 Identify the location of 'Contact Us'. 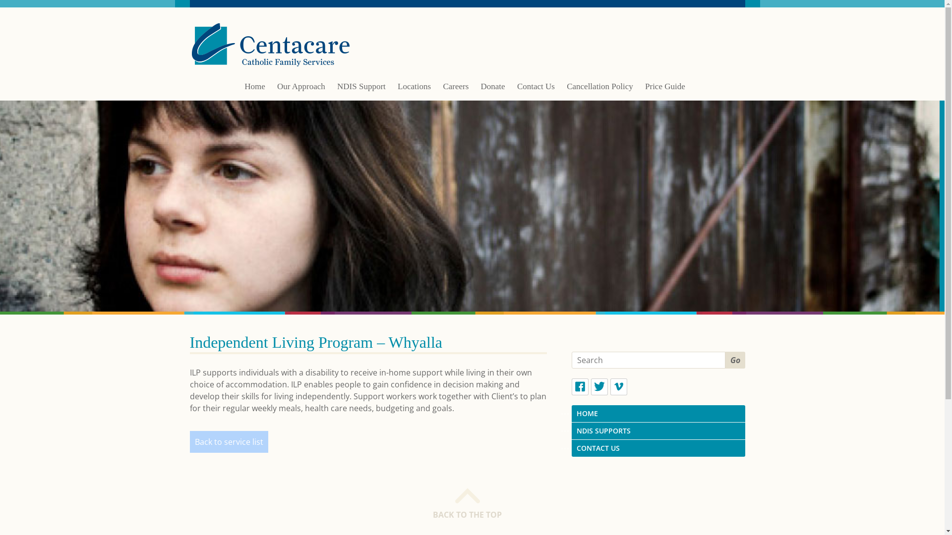
(535, 91).